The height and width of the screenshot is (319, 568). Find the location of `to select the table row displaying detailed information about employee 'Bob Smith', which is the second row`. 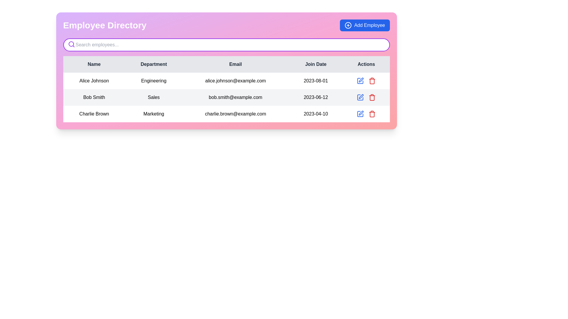

to select the table row displaying detailed information about employee 'Bob Smith', which is the second row is located at coordinates (226, 97).